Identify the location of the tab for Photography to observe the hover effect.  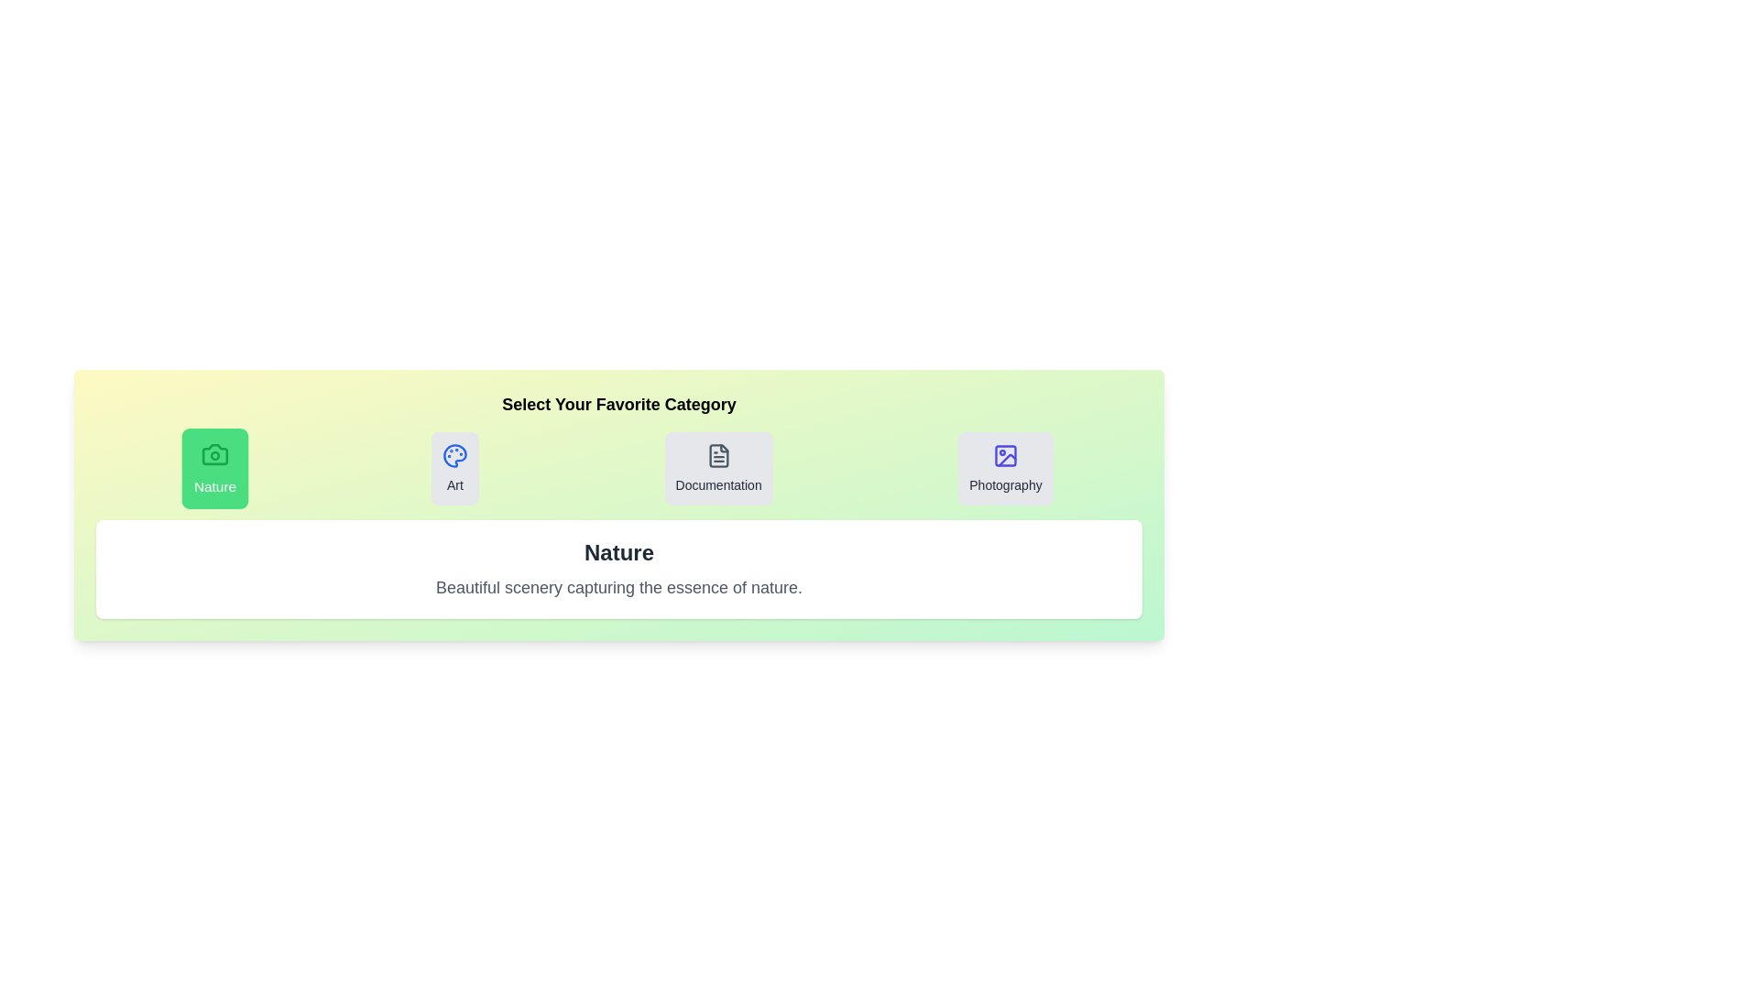
(1004, 468).